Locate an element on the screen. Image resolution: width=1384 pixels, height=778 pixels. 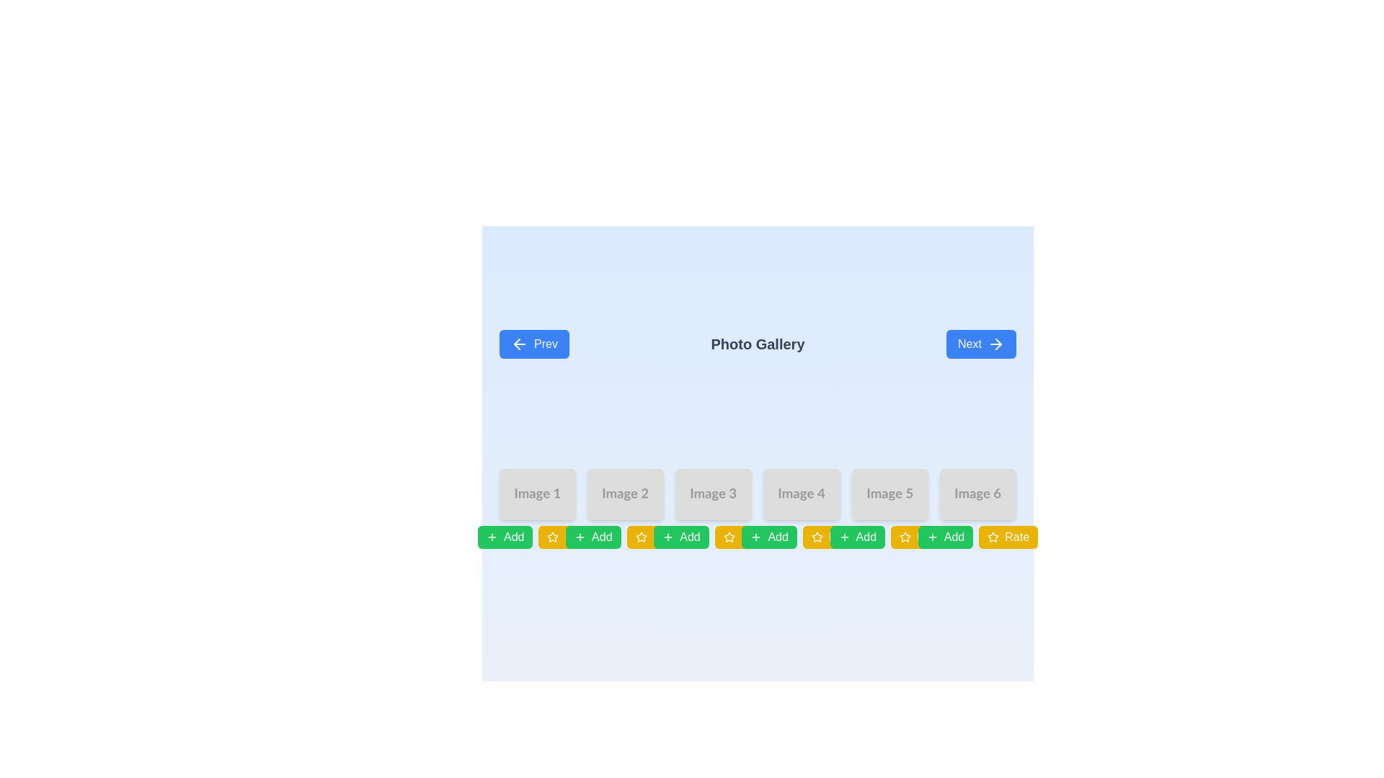
the fifth star icon located in the row of interactive buttons below the image gallery is located at coordinates (992, 536).